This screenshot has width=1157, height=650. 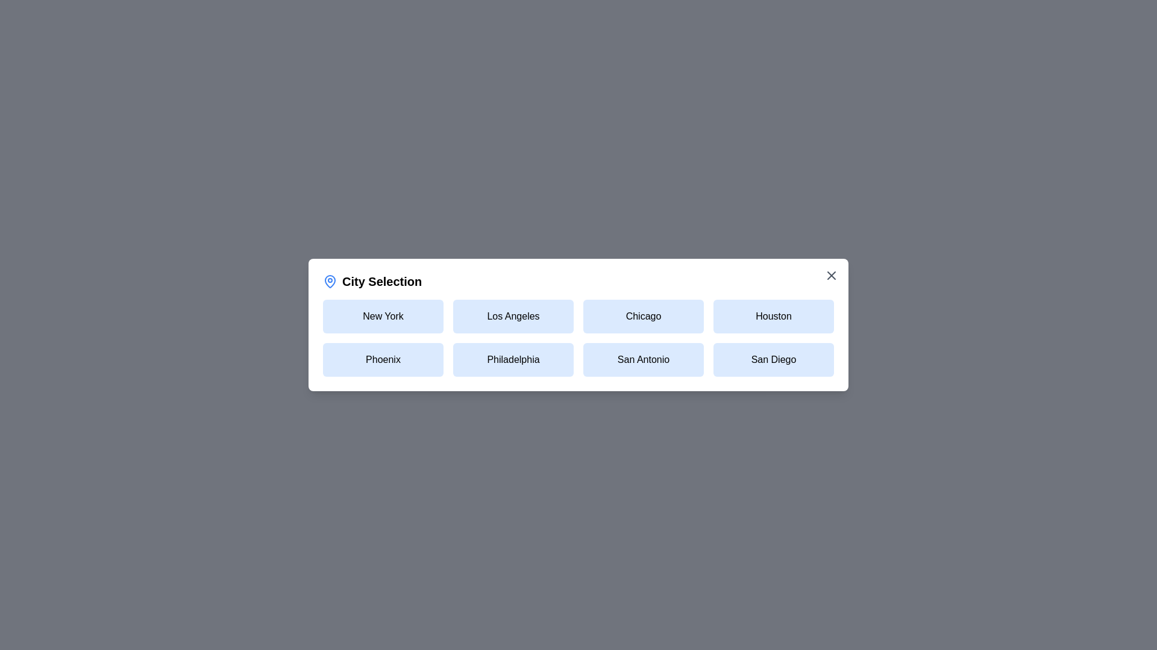 What do you see at coordinates (513, 315) in the screenshot?
I see `the city Los Angeles by clicking on its button` at bounding box center [513, 315].